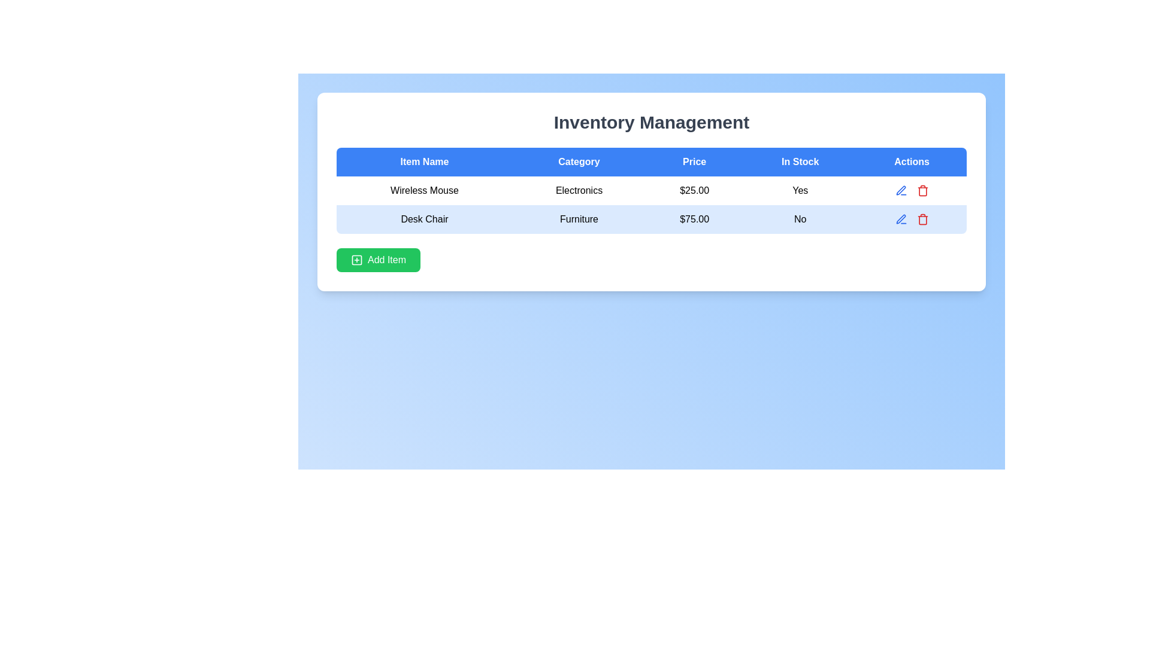  I want to click on the text label displaying 'Item Name', which is the first column header in a table with a blue background and white, bold, center-aligned text, so click(424, 161).